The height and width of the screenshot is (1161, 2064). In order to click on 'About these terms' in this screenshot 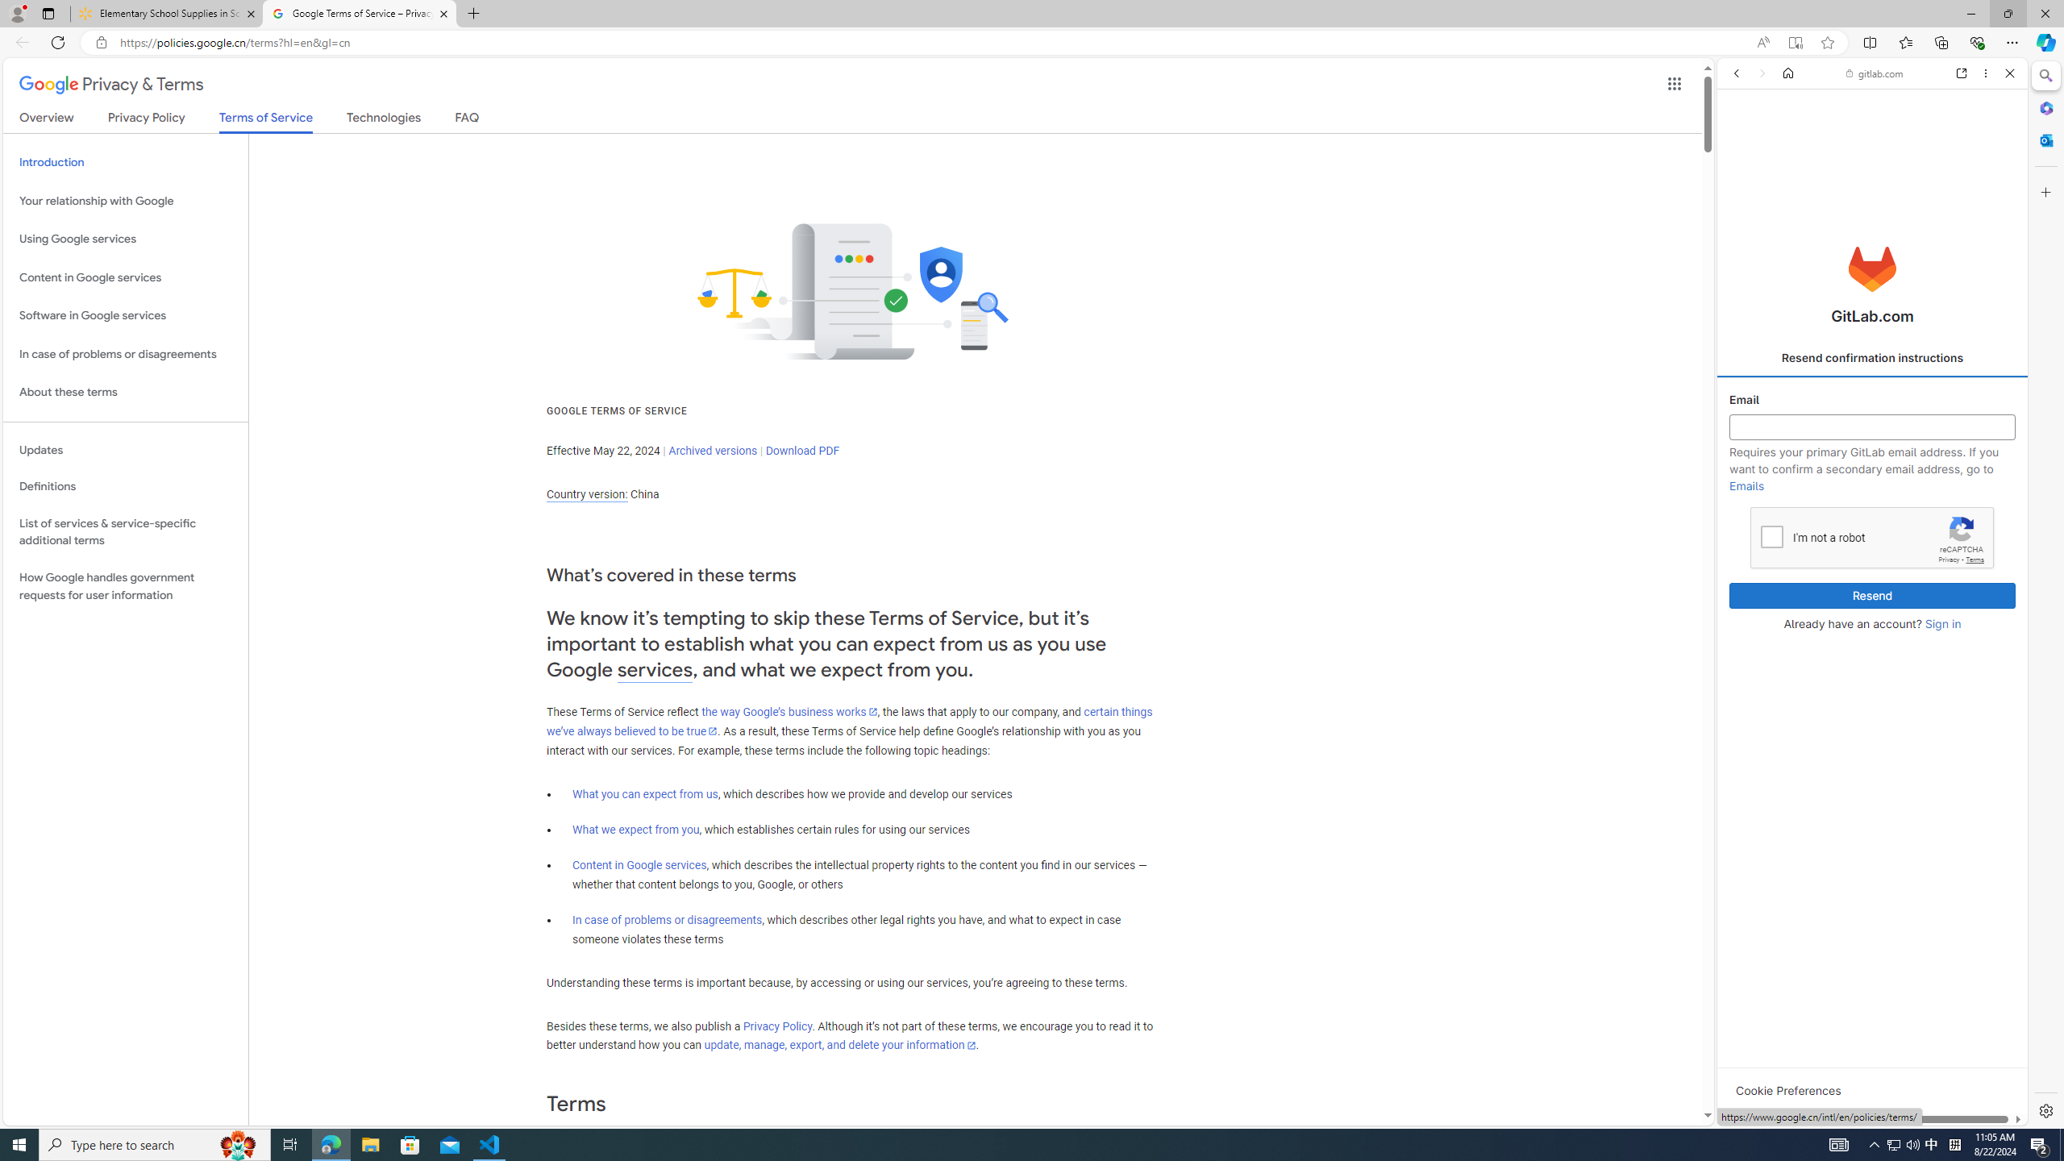, I will do `click(125, 392)`.